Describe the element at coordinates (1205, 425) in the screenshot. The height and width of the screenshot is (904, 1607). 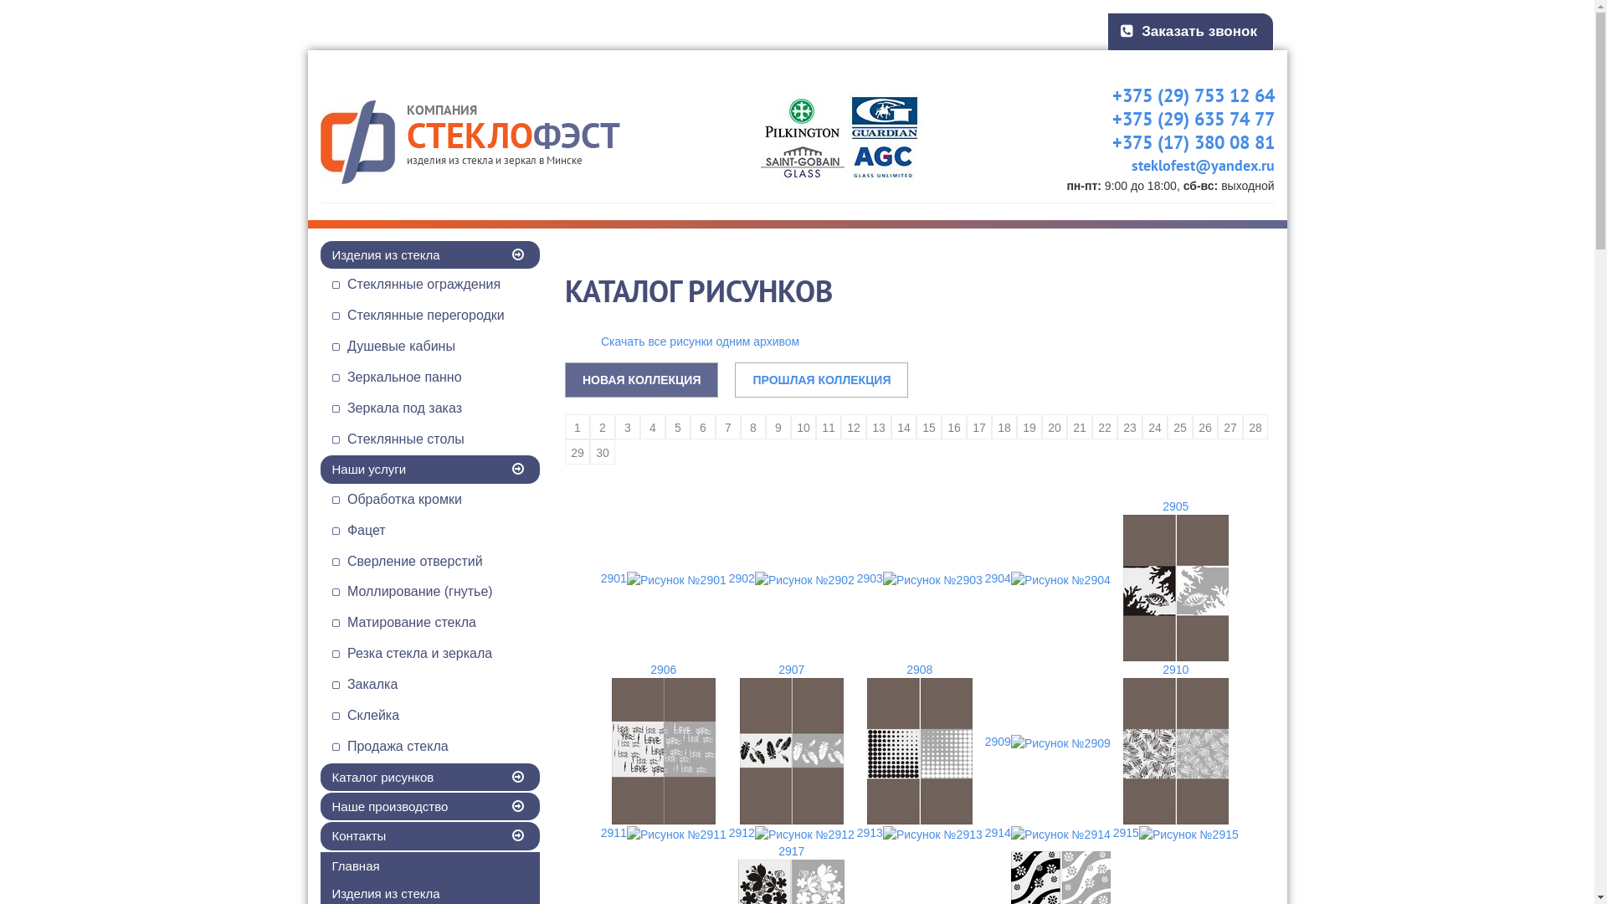
I see `'26'` at that location.